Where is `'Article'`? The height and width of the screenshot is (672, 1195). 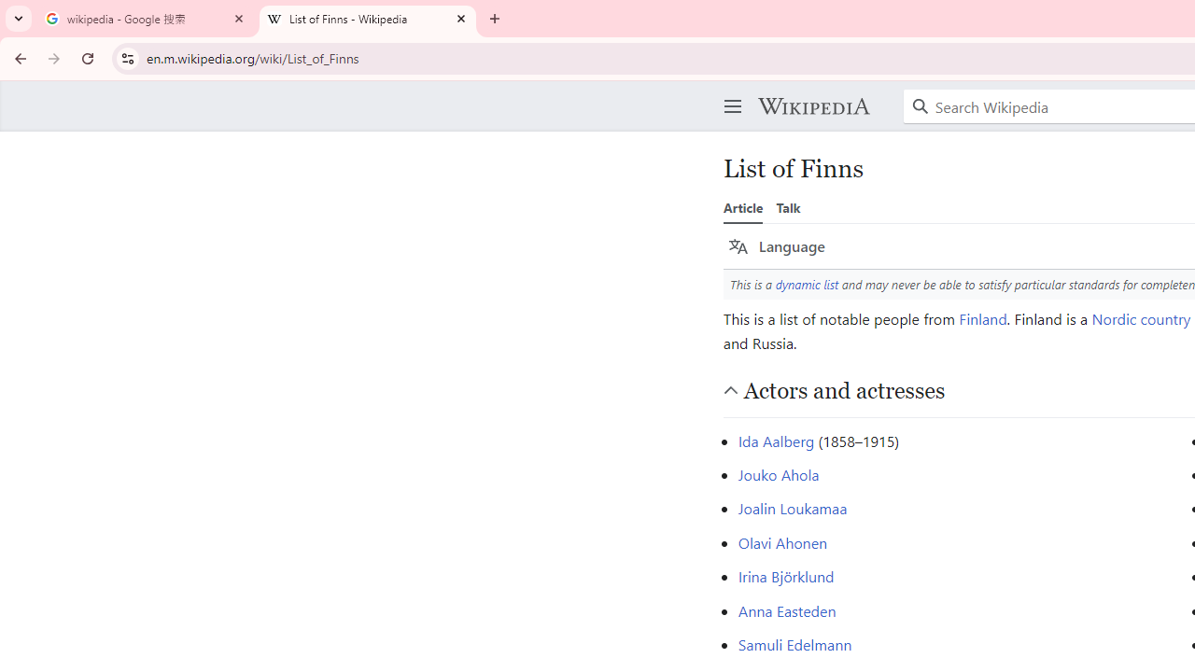 'Article' is located at coordinates (742, 207).